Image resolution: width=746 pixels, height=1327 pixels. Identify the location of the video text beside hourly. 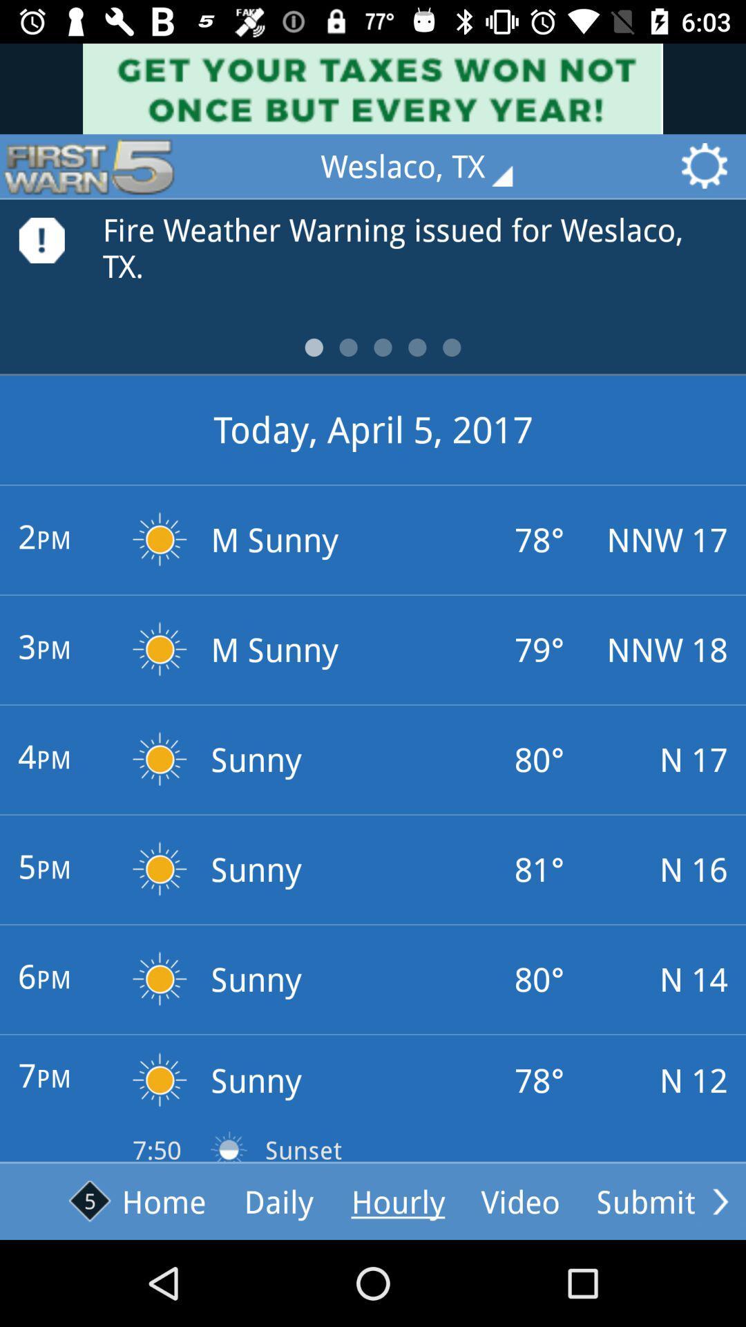
(520, 1201).